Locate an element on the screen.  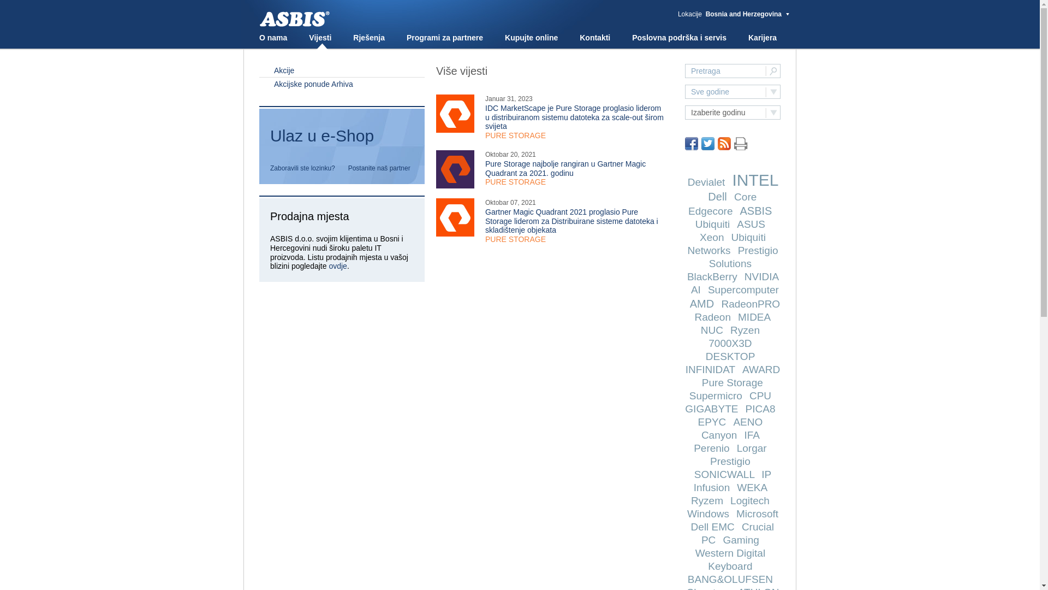
'Akcije' is located at coordinates (341, 70).